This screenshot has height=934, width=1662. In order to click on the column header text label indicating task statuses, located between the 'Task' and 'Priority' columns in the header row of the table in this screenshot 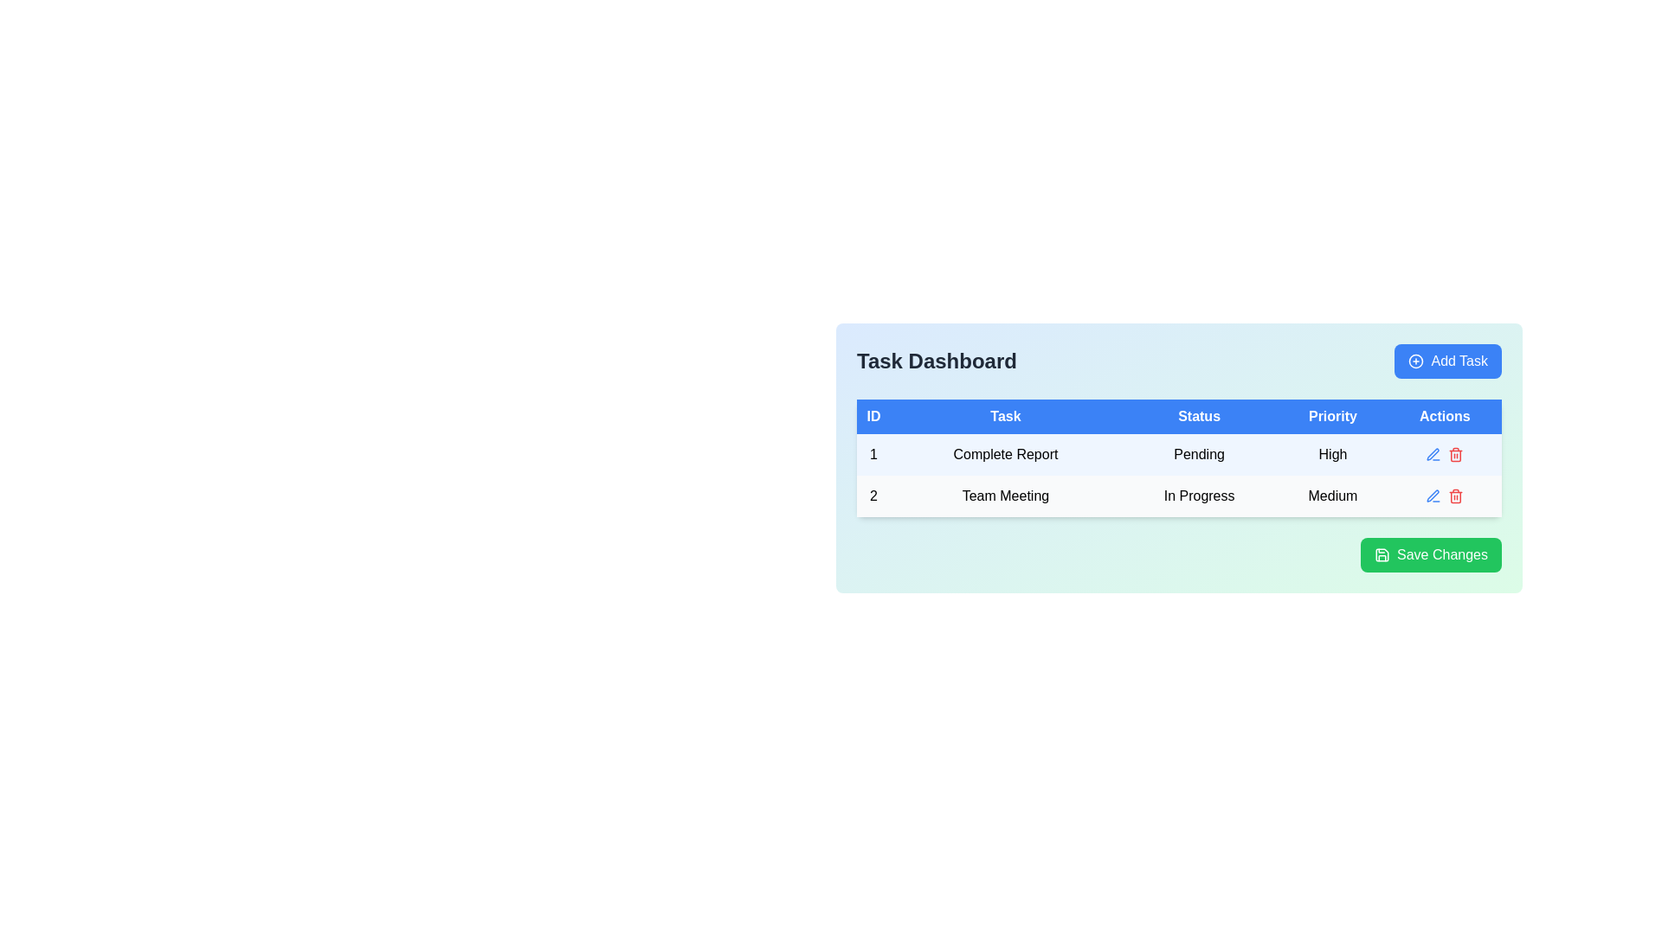, I will do `click(1198, 417)`.